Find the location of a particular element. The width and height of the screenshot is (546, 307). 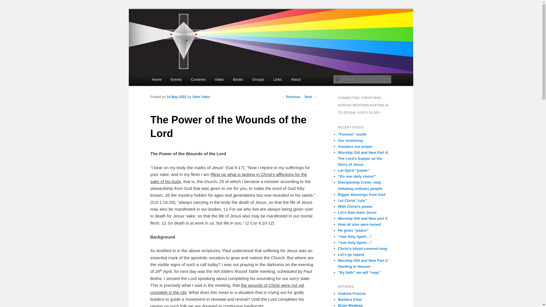

'Cross Connect' is located at coordinates (180, 30).